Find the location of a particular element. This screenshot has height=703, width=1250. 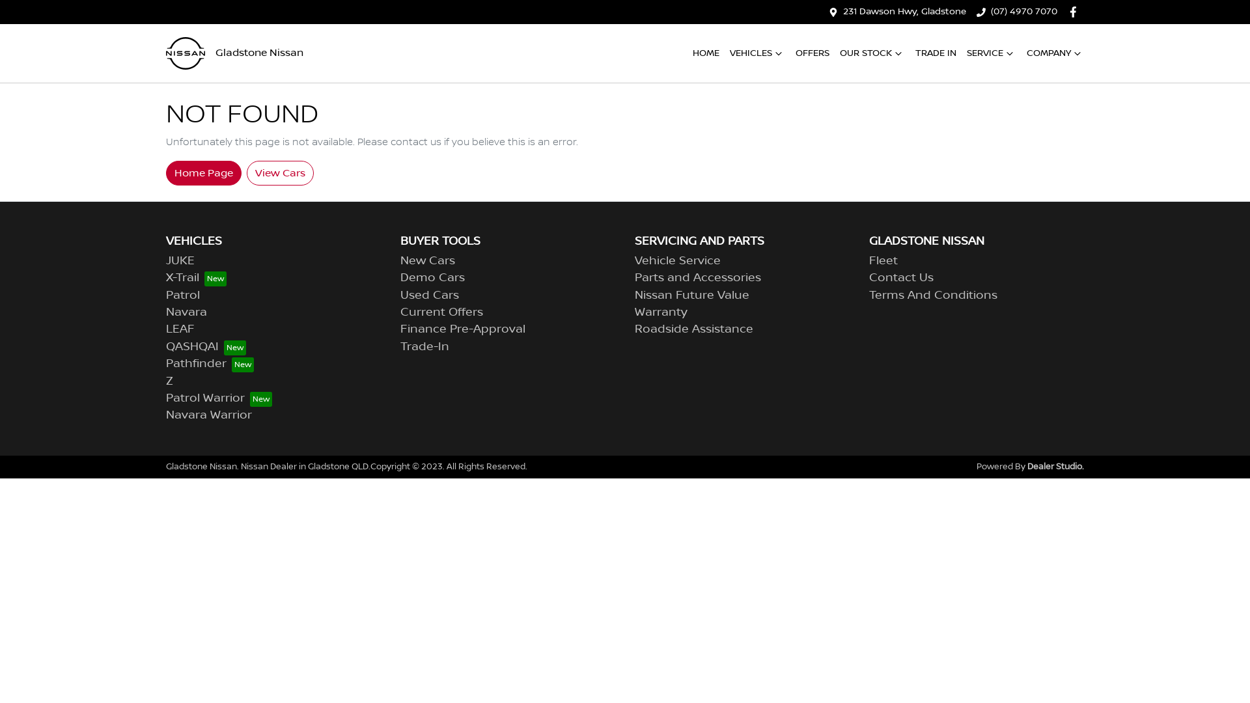

'QASHQAI' is located at coordinates (205, 346).